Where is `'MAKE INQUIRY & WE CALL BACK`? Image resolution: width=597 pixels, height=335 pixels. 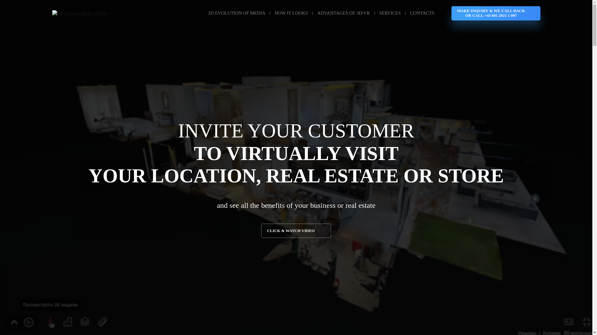 'MAKE INQUIRY & WE CALL BACK is located at coordinates (451, 13).